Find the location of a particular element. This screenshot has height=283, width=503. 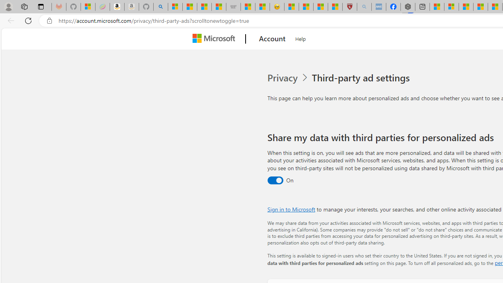

'Account' is located at coordinates (272, 39).